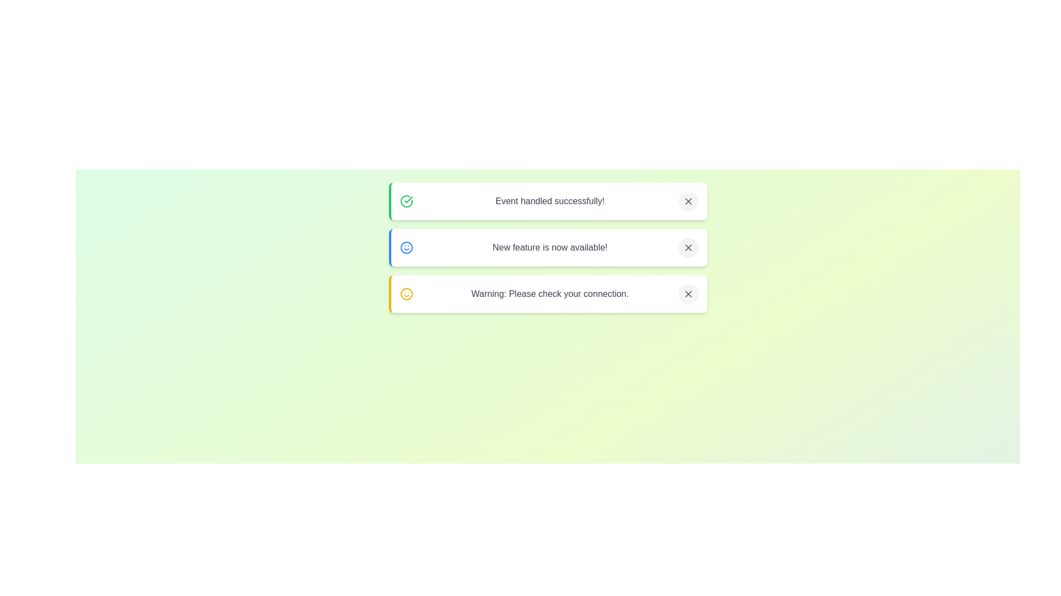 This screenshot has height=596, width=1061. Describe the element at coordinates (550, 293) in the screenshot. I see `the text label containing the message 'Warning: Please check your connection.' styled in grey, located inside the lowest notification box to the right of a yellow icon` at that location.